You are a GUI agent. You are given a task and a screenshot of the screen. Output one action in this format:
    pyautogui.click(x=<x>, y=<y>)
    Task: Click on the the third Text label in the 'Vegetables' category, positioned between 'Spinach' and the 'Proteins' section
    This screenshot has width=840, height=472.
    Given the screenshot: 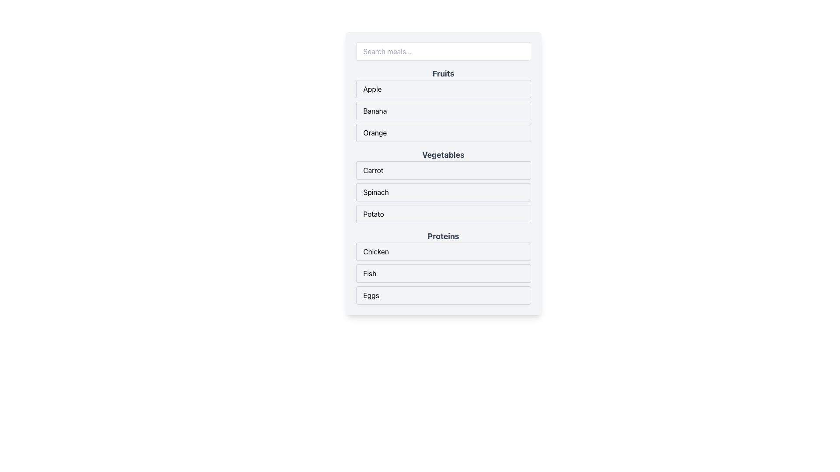 What is the action you would take?
    pyautogui.click(x=374, y=214)
    